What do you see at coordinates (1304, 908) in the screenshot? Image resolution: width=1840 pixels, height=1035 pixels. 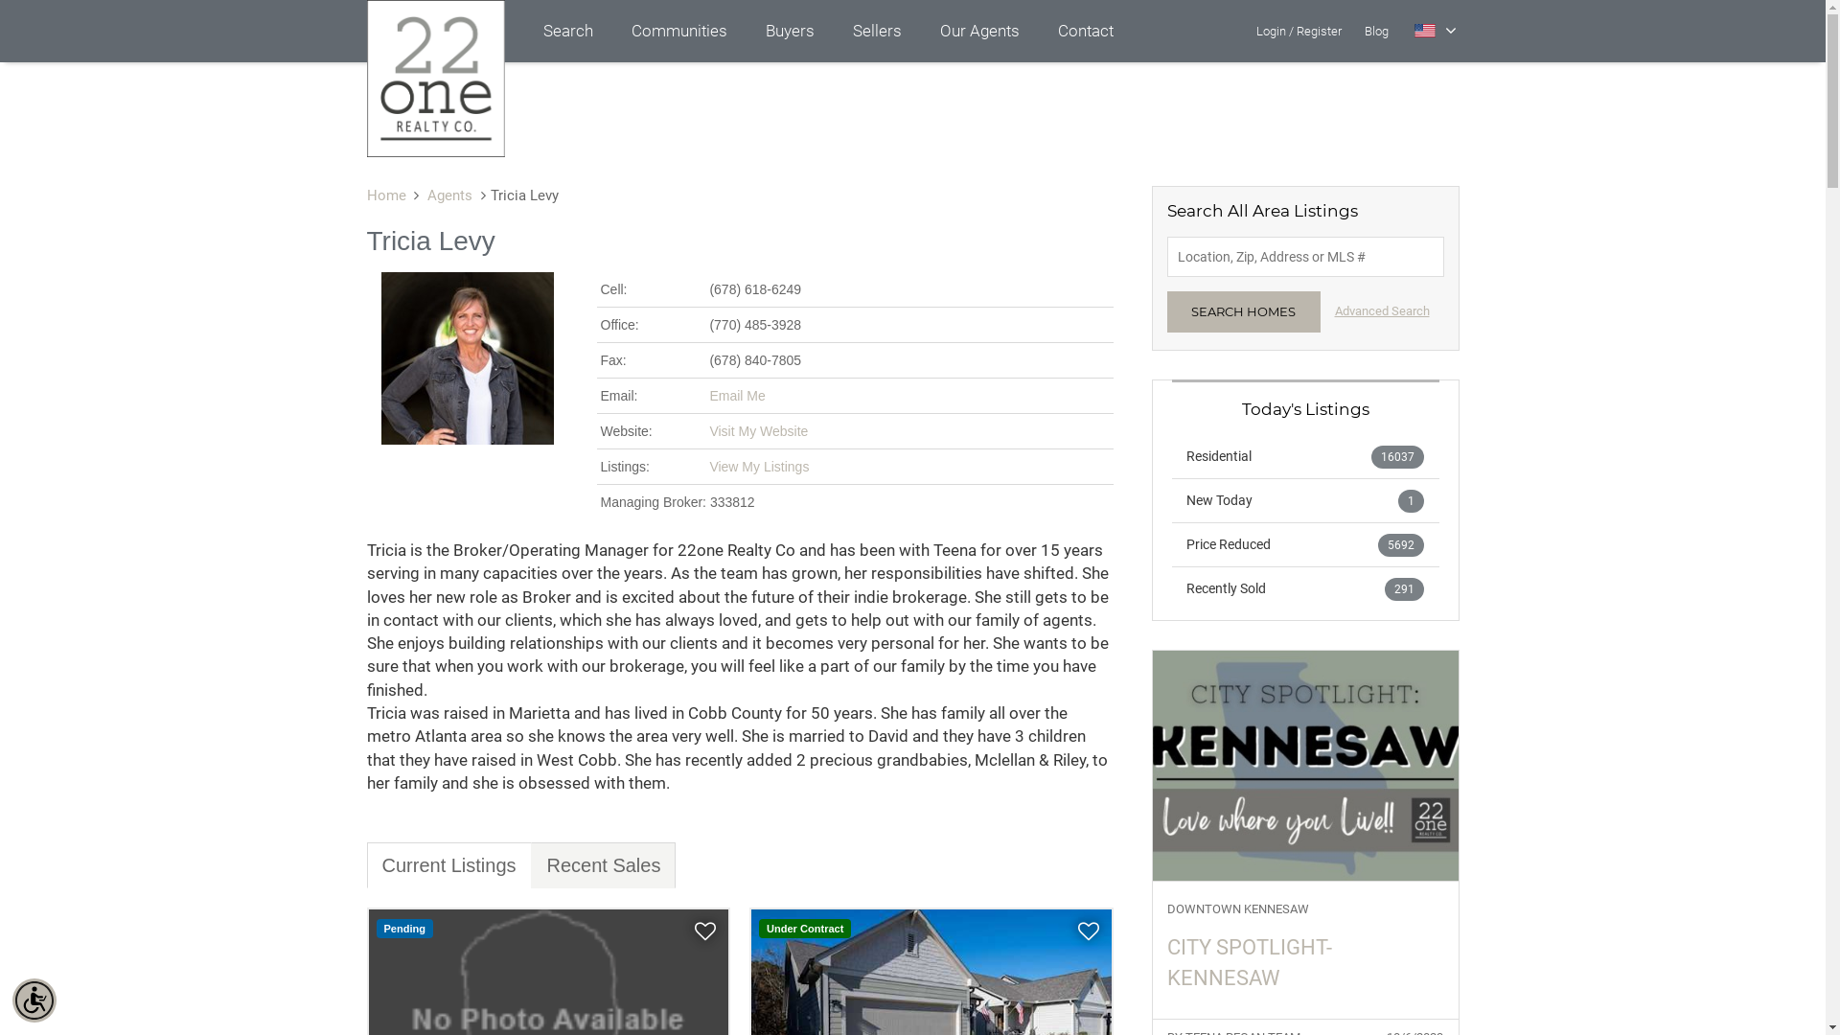 I see `'DOWNTOWN KENNESAW'` at bounding box center [1304, 908].